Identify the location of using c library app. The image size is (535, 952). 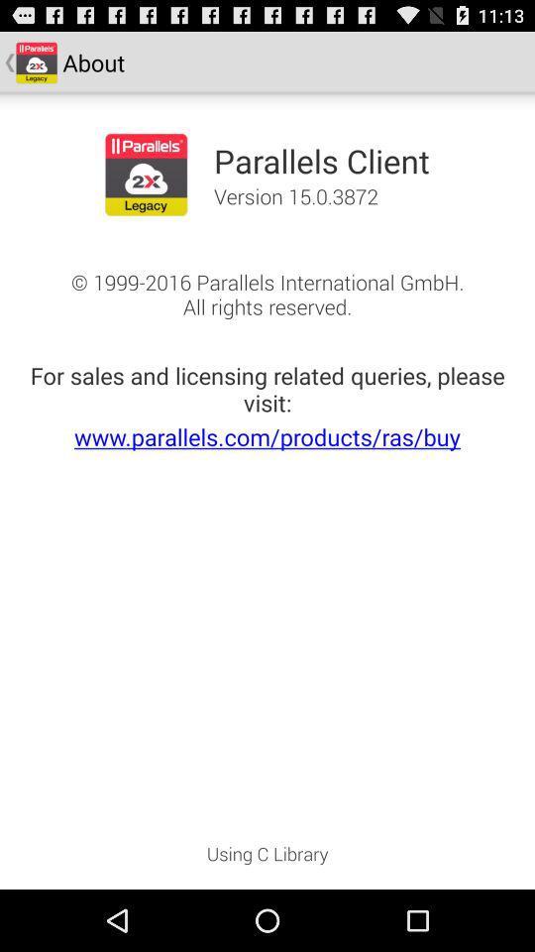
(267, 859).